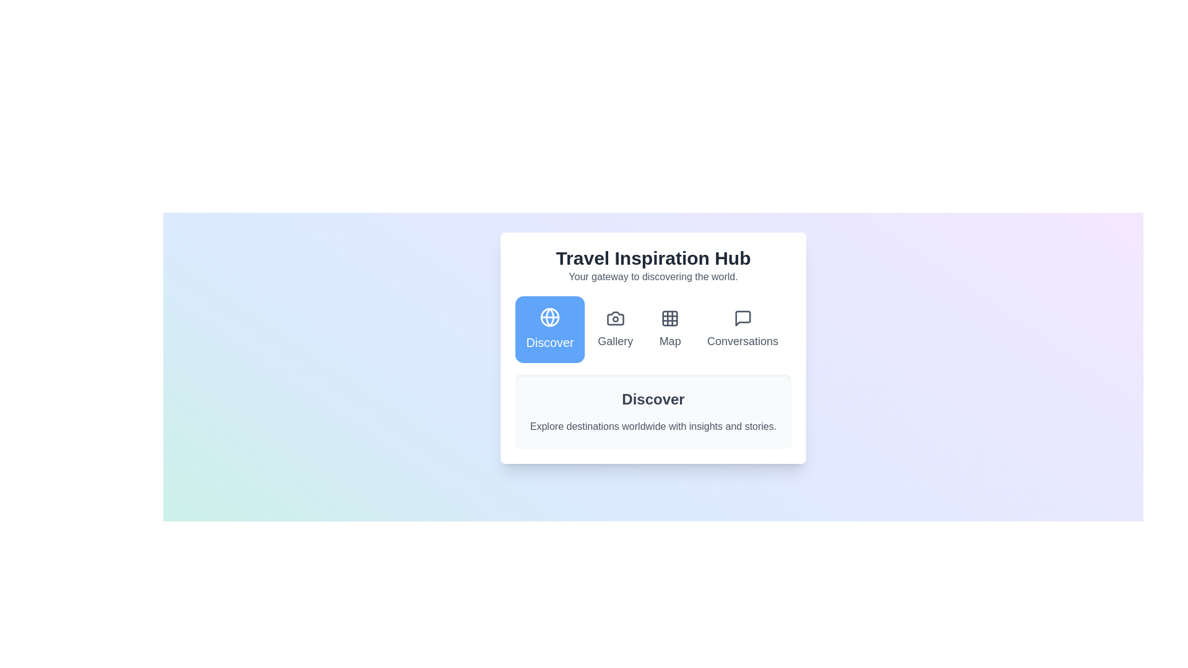 This screenshot has height=668, width=1188. What do you see at coordinates (669, 328) in the screenshot?
I see `the 'Map' button located` at bounding box center [669, 328].